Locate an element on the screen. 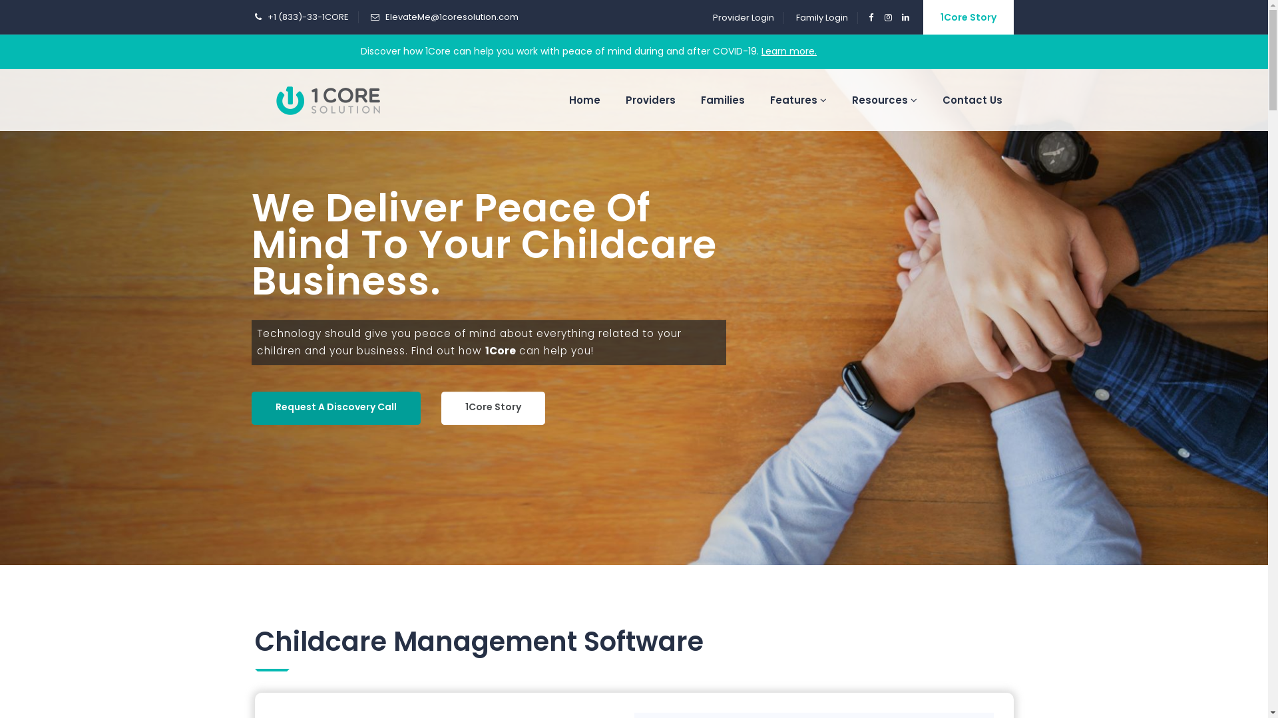  'Resources' is located at coordinates (884, 99).